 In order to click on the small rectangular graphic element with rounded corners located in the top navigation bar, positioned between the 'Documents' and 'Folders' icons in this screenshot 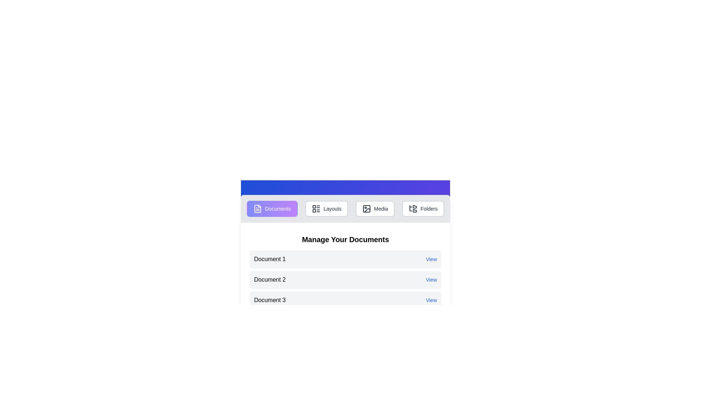, I will do `click(367, 208)`.